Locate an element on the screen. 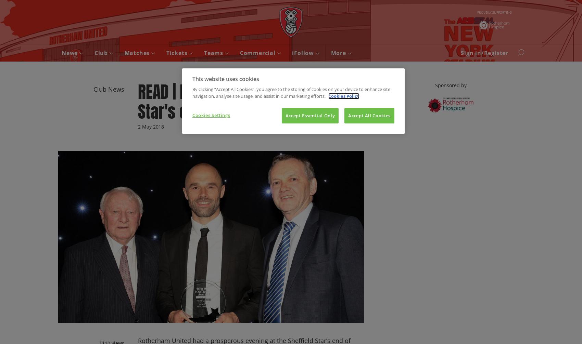 The image size is (582, 344). 'Club News' is located at coordinates (109, 89).